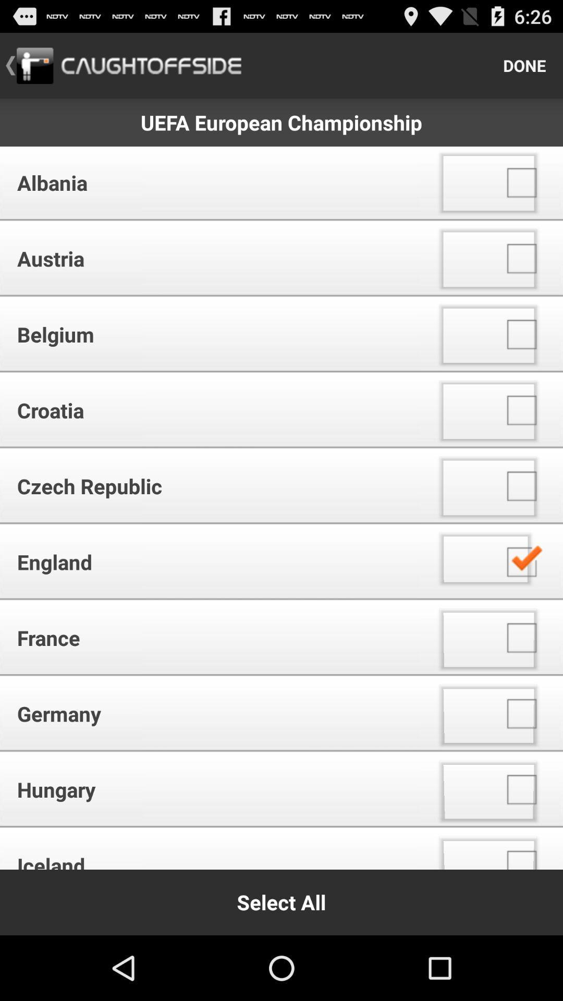 This screenshot has height=1001, width=563. I want to click on the icon below austria app, so click(213, 334).